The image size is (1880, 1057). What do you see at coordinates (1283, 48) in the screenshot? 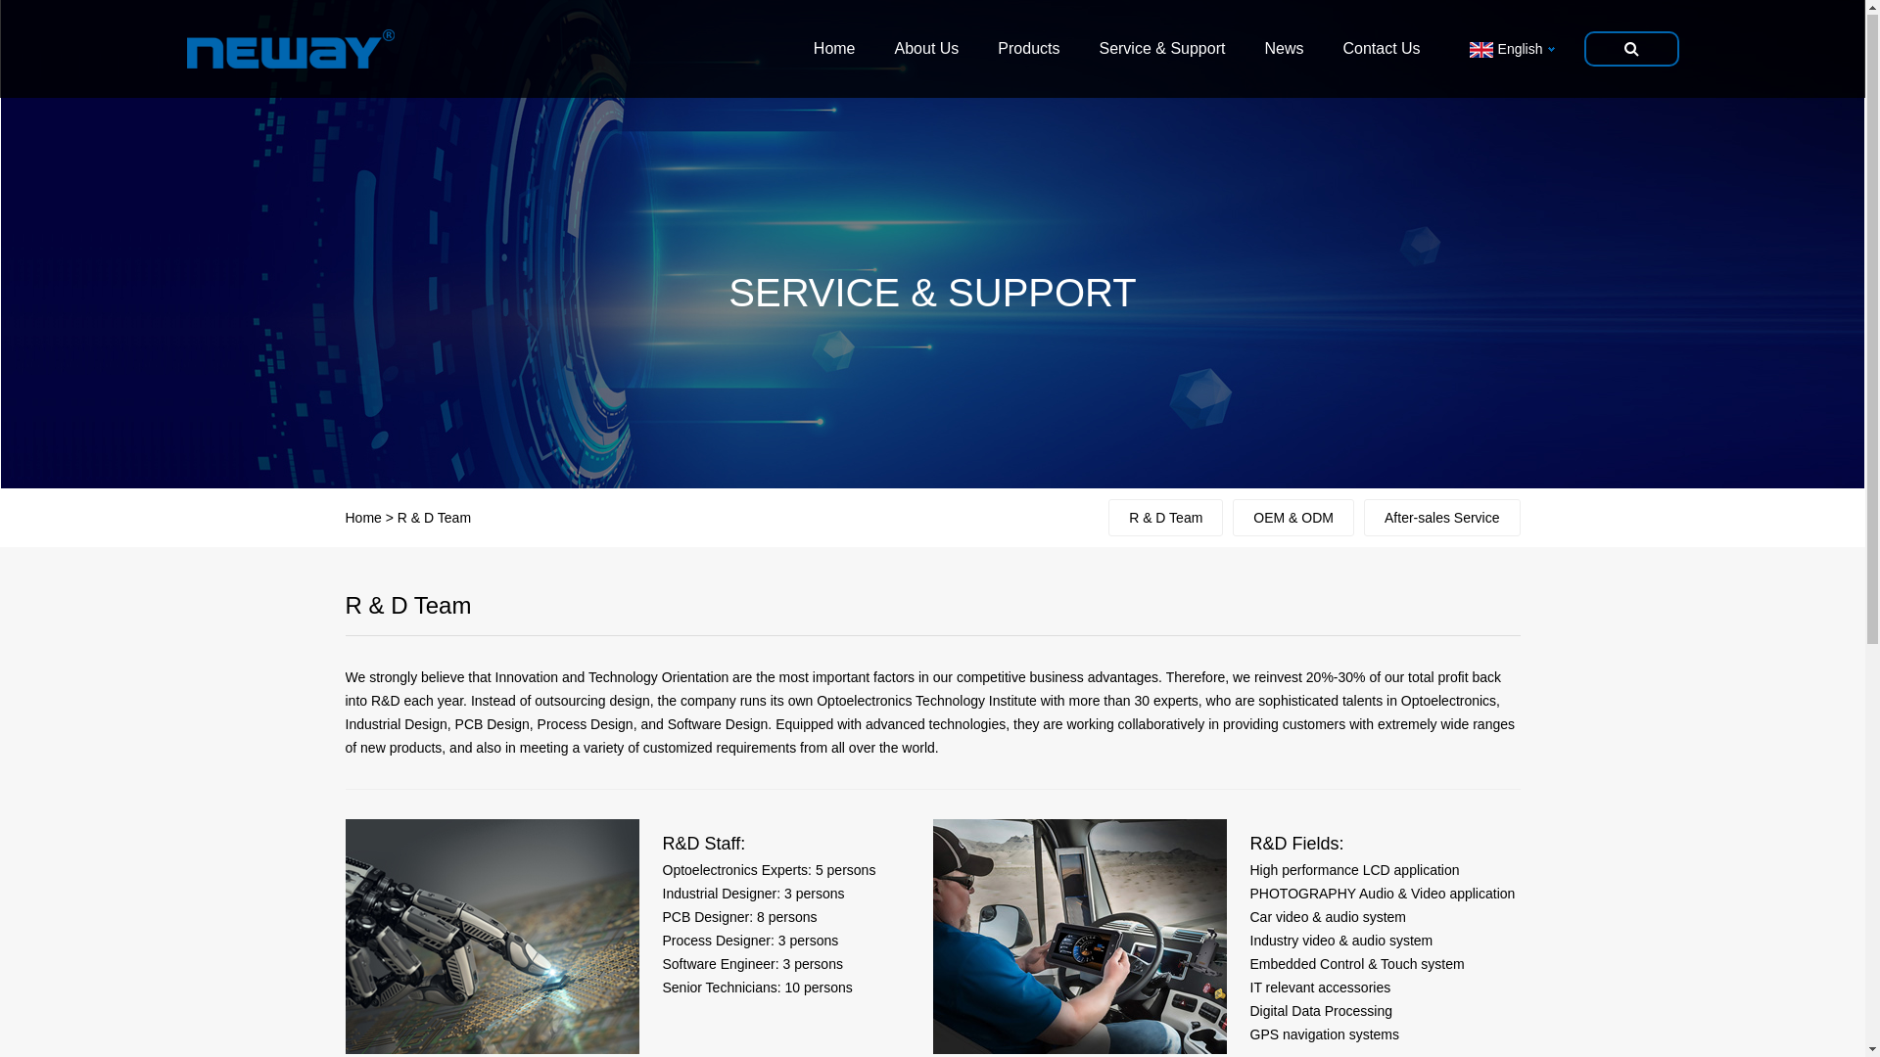
I see `'News'` at bounding box center [1283, 48].